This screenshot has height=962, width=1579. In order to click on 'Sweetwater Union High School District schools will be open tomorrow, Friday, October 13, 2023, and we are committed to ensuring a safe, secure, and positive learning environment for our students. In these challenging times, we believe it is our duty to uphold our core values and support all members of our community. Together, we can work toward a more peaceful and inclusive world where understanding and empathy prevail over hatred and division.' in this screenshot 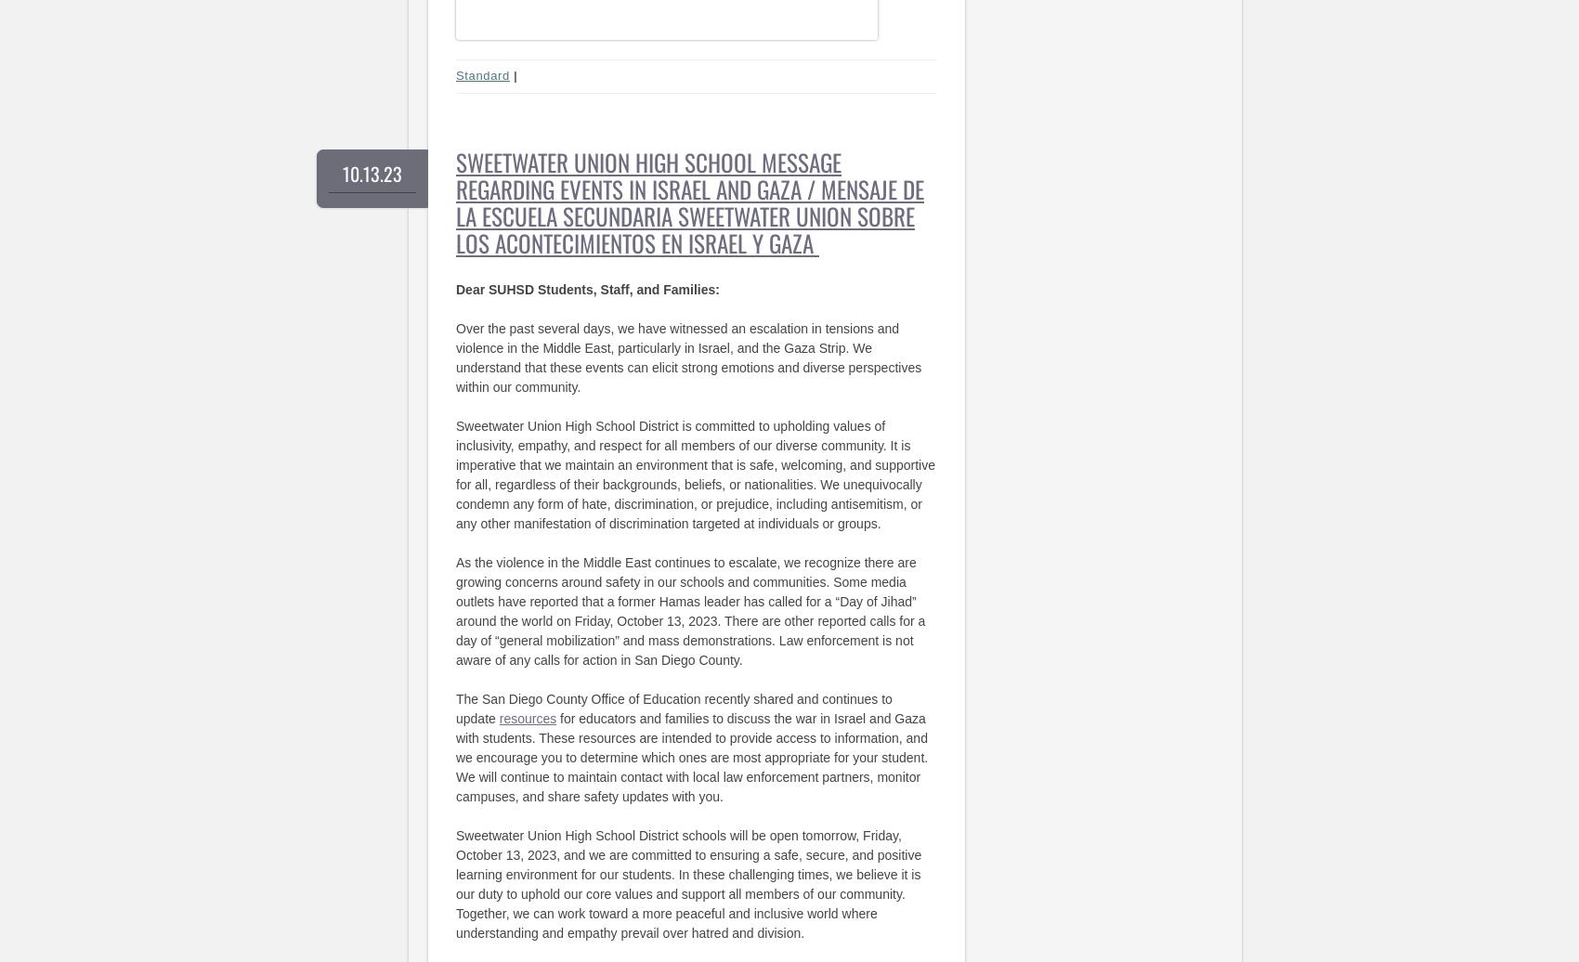, I will do `click(688, 883)`.